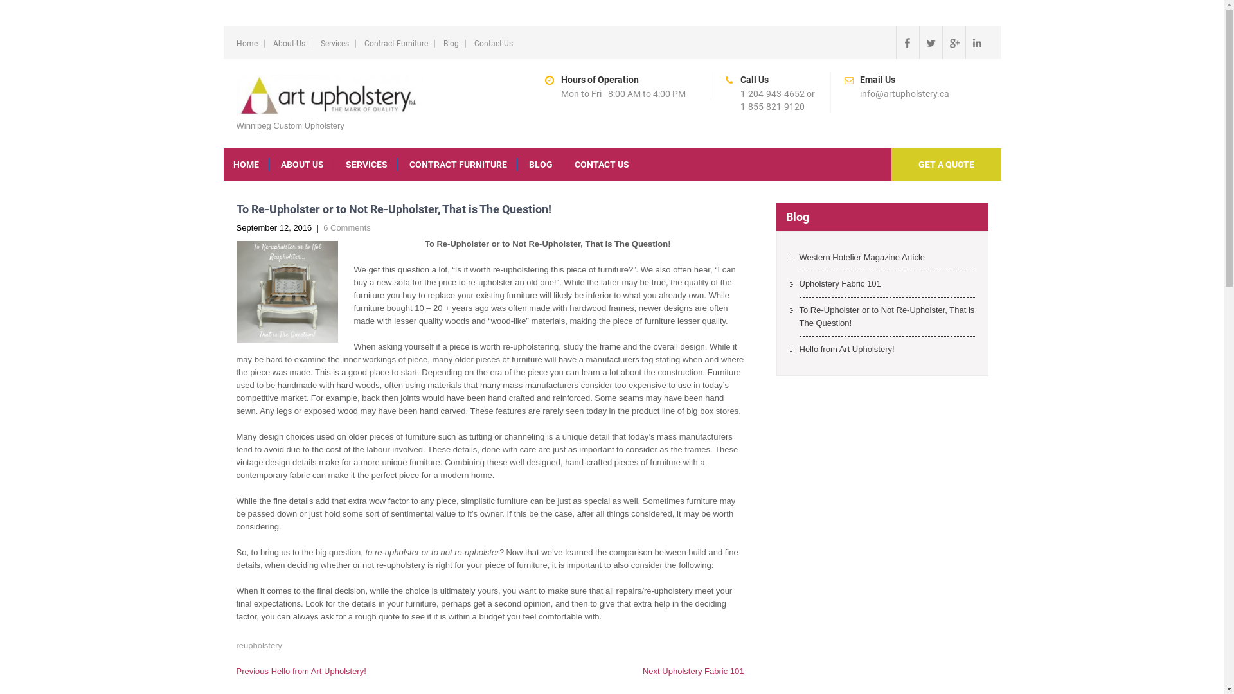 This screenshot has width=1234, height=694. Describe the element at coordinates (258, 645) in the screenshot. I see `'reupholstery'` at that location.